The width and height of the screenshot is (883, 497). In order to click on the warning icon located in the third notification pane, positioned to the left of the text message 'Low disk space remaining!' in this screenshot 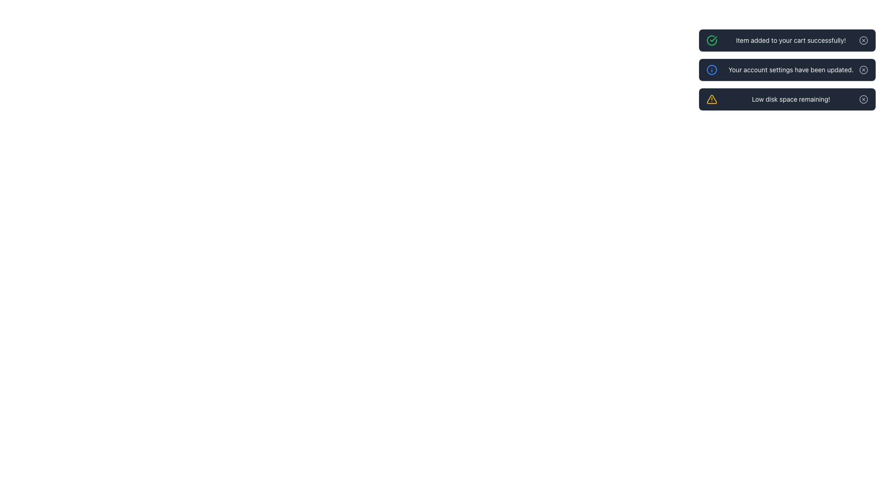, I will do `click(711, 99)`.